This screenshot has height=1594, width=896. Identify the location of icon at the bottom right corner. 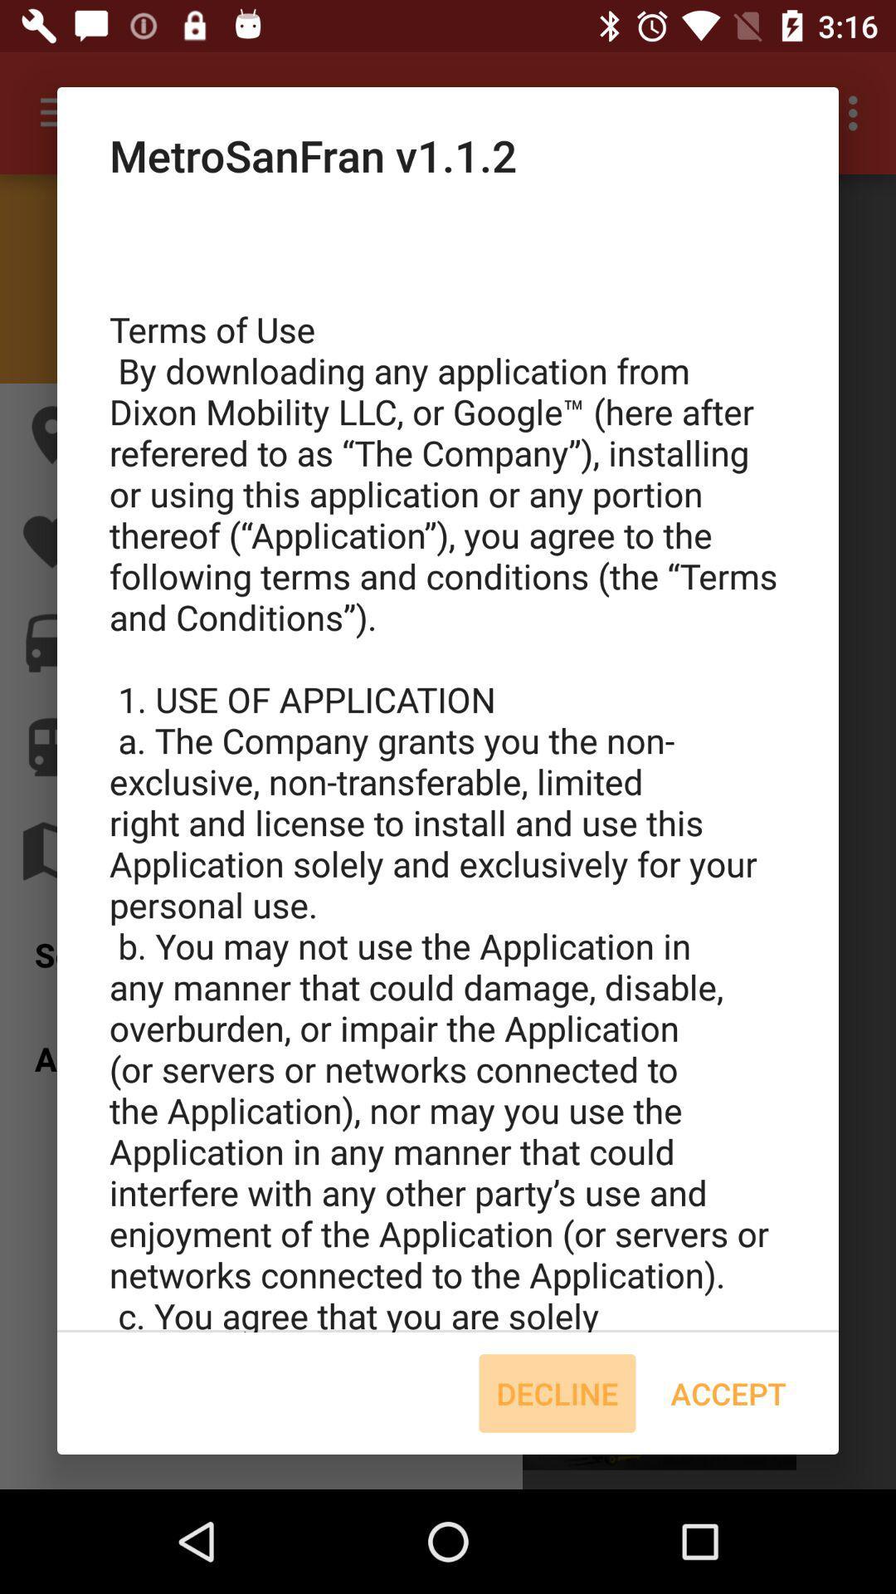
(728, 1393).